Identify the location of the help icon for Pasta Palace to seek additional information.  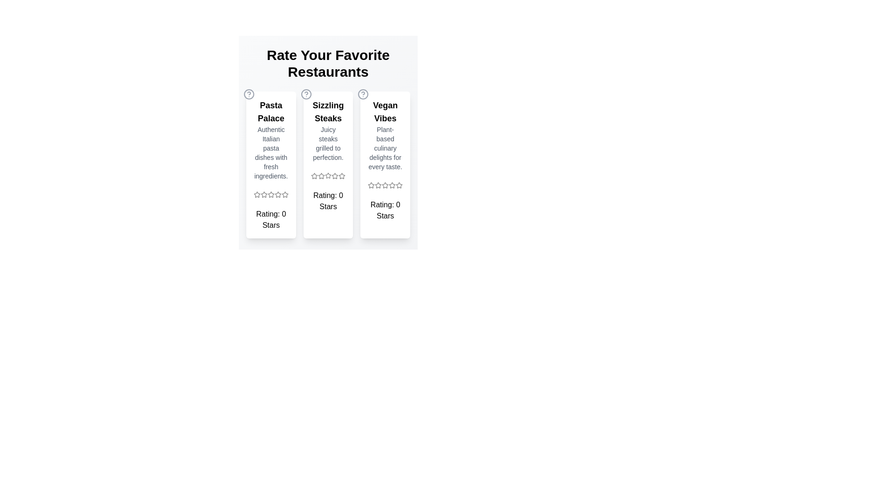
(249, 94).